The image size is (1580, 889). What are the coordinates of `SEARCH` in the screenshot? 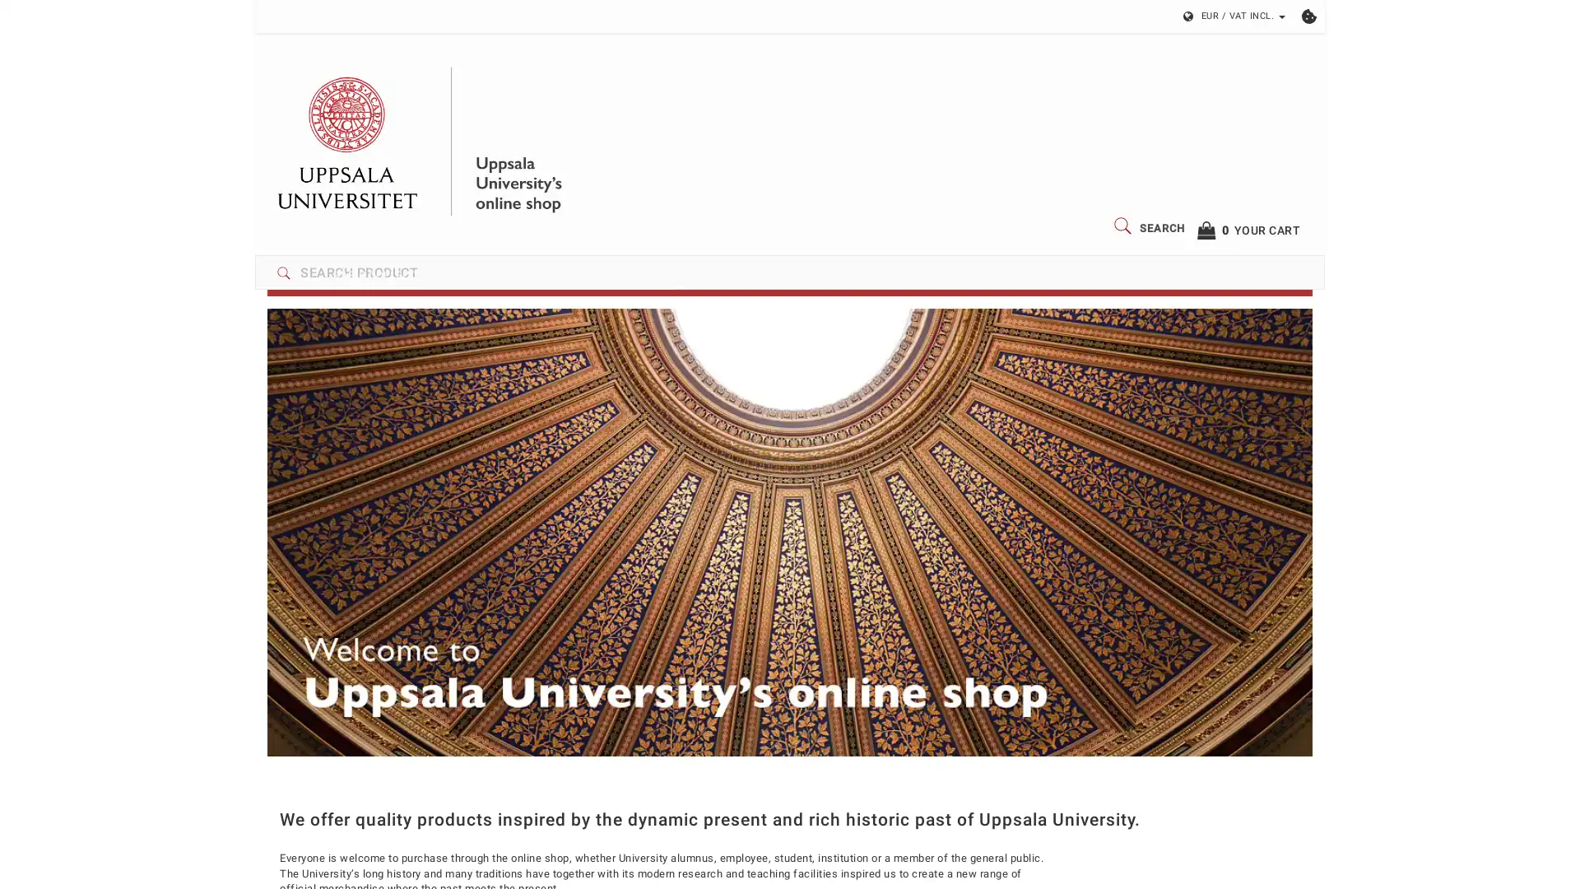 It's located at (1161, 228).